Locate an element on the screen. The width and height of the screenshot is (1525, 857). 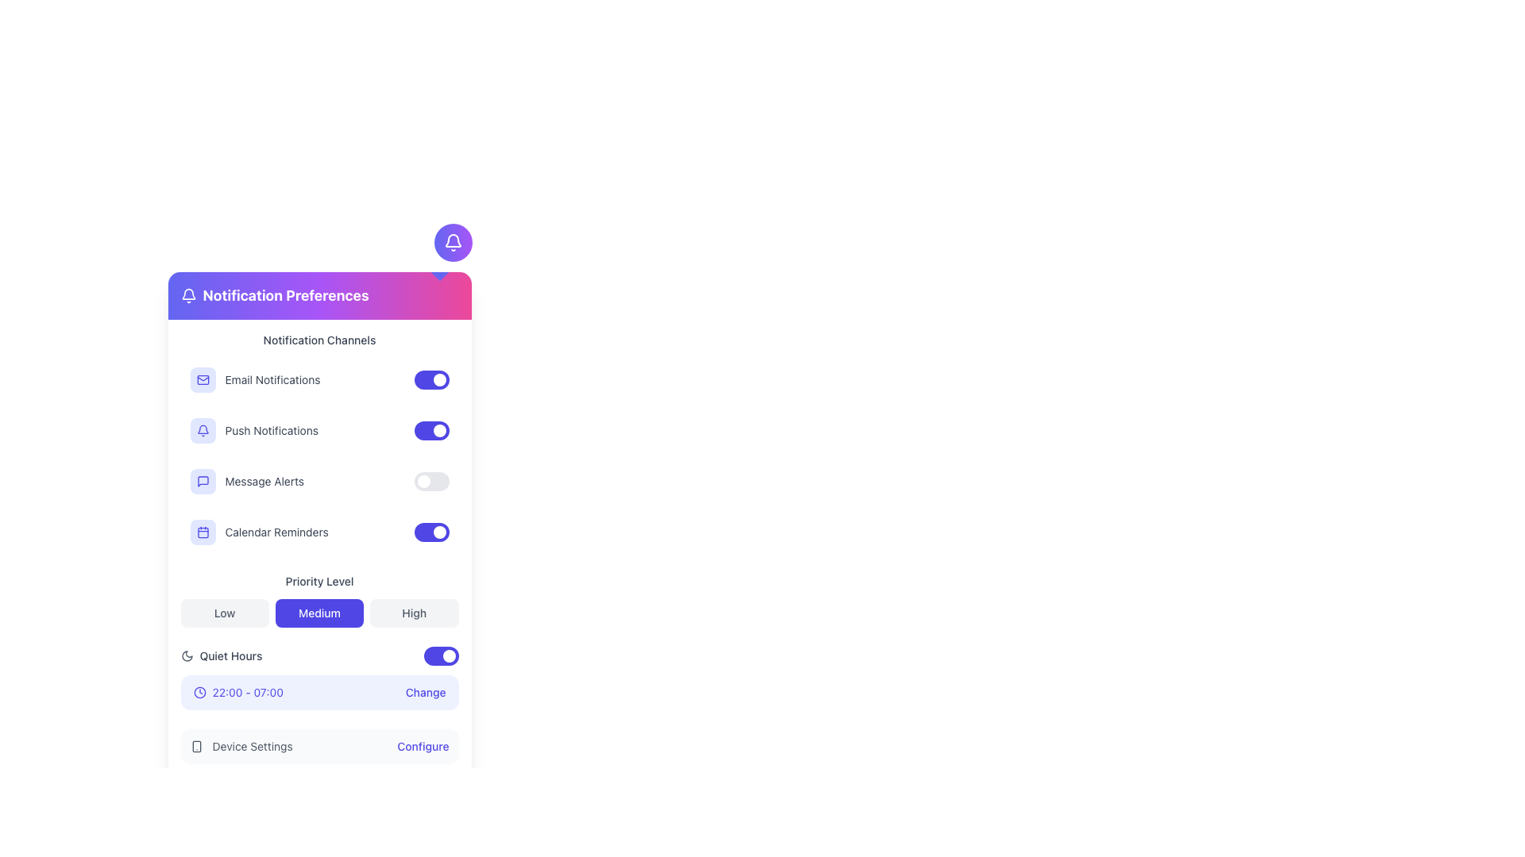
the Push Notifications icon button, which visually represents notification preferences with a bell icon and is positioned to the left of the 'Push Notifications' text is located at coordinates (202, 431).